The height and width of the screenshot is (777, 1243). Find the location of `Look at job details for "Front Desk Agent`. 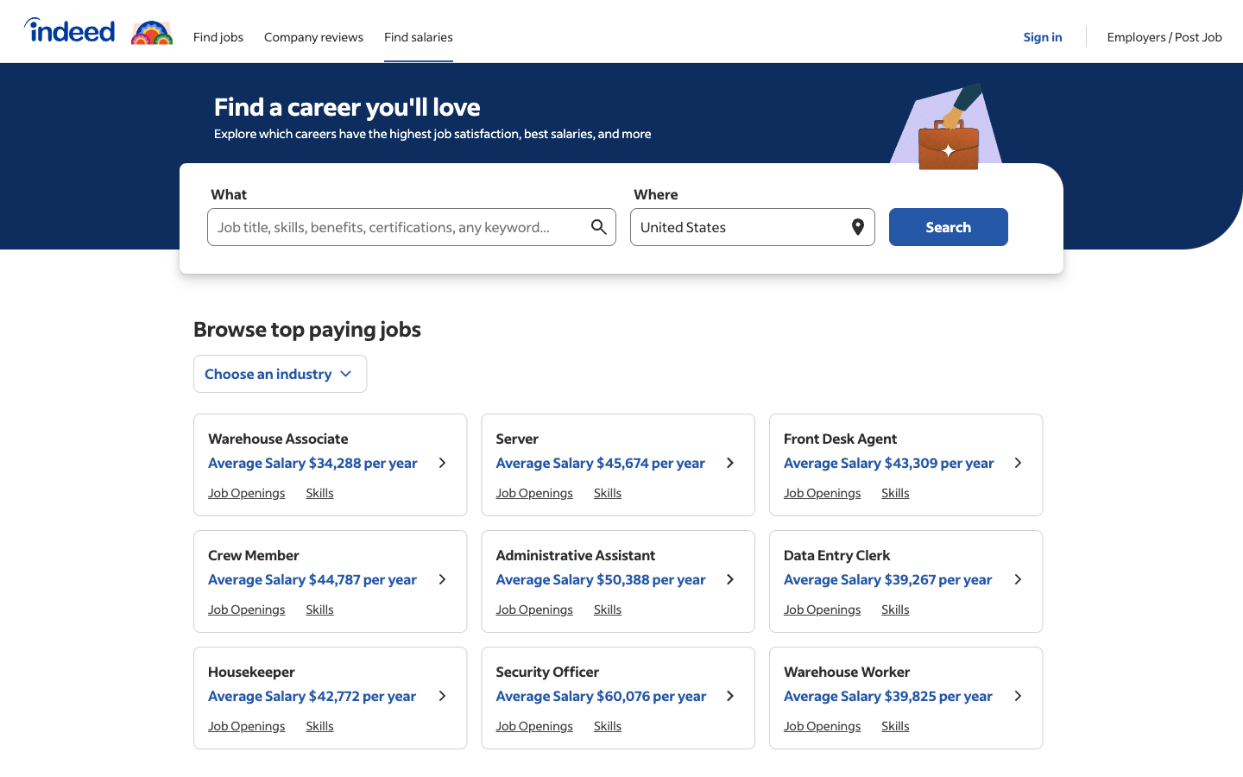

Look at job details for "Front Desk Agent is located at coordinates (1017, 464).